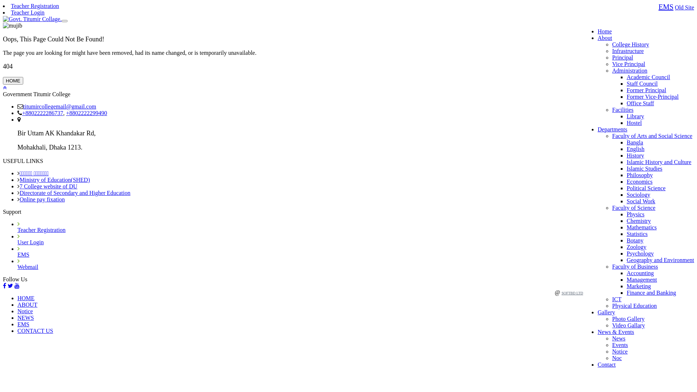 The width and height of the screenshot is (697, 392). What do you see at coordinates (11, 6) in the screenshot?
I see `'Teacher Registration'` at bounding box center [11, 6].